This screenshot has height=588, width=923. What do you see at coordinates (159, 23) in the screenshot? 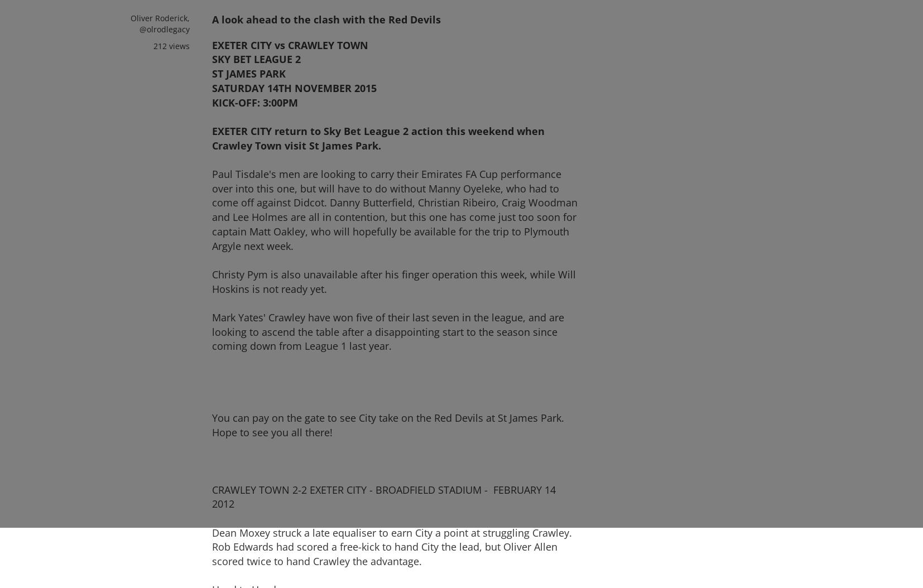
I see `'Oliver Roderick, @olrodlegacy'` at bounding box center [159, 23].